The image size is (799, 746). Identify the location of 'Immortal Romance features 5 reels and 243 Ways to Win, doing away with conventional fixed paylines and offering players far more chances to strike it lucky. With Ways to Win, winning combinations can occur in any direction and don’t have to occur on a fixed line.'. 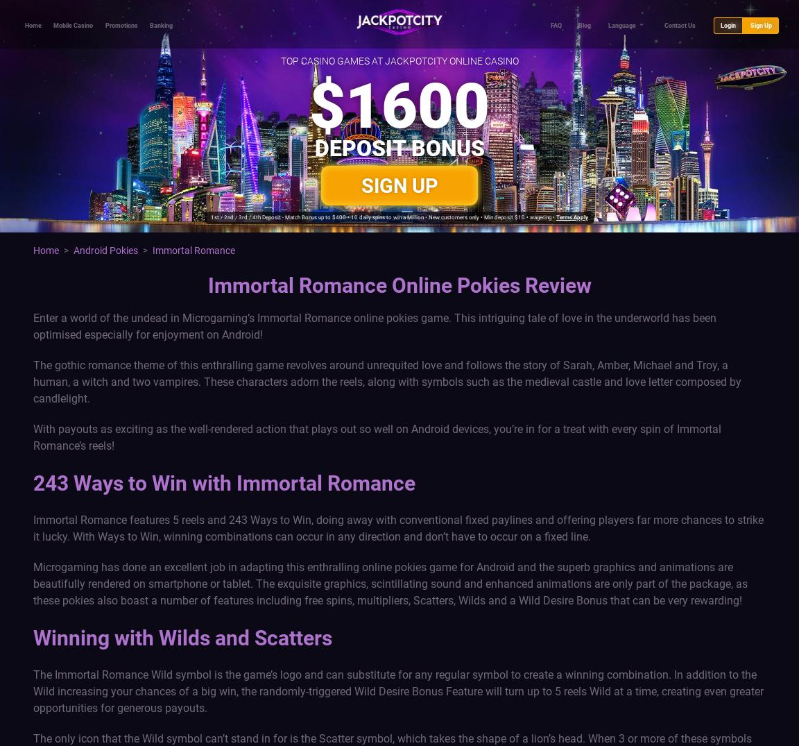
(33, 527).